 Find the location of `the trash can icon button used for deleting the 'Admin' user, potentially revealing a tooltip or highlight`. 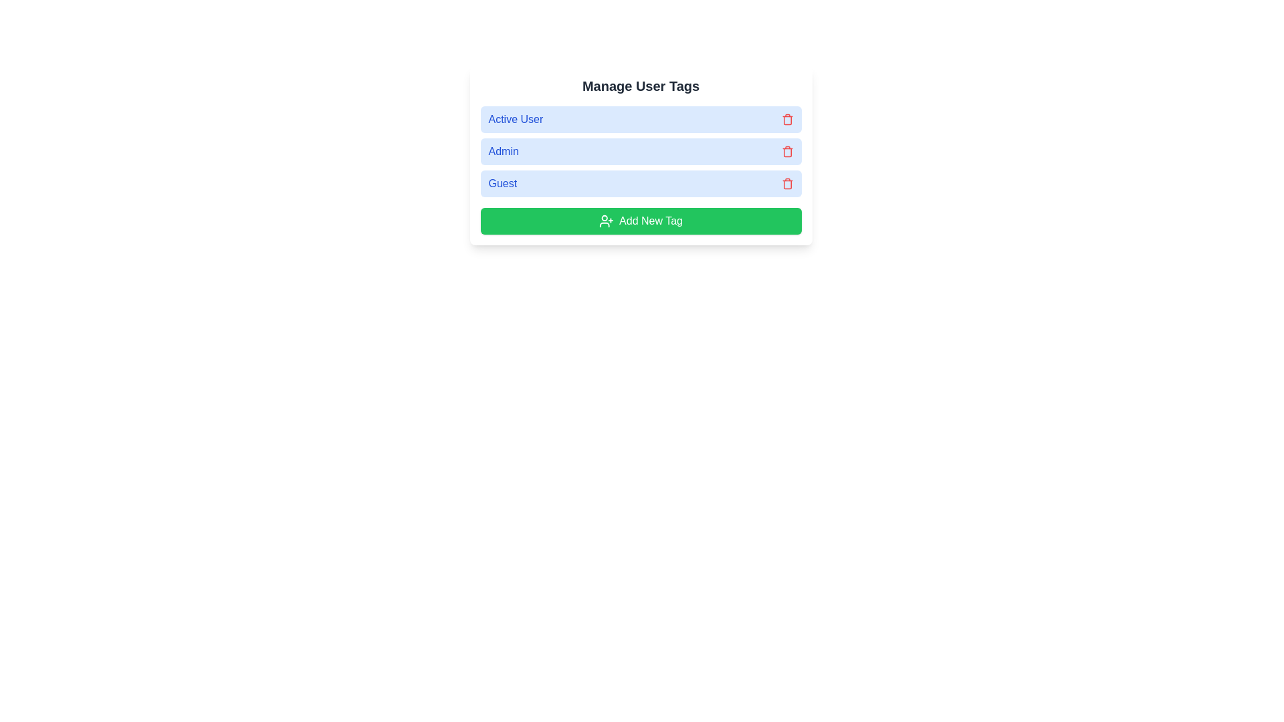

the trash can icon button used for deleting the 'Admin' user, potentially revealing a tooltip or highlight is located at coordinates (787, 152).